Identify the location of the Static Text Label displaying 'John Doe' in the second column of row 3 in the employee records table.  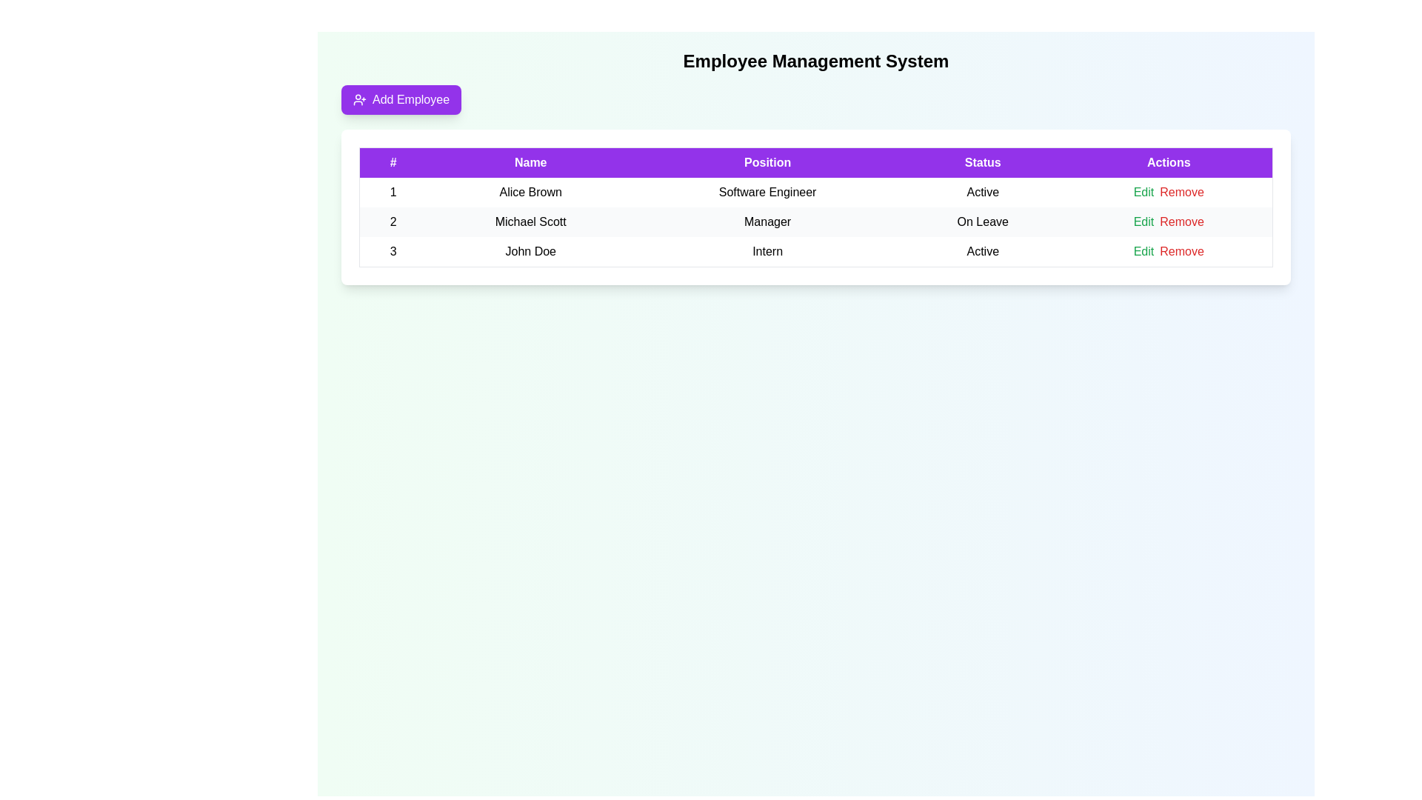
(530, 251).